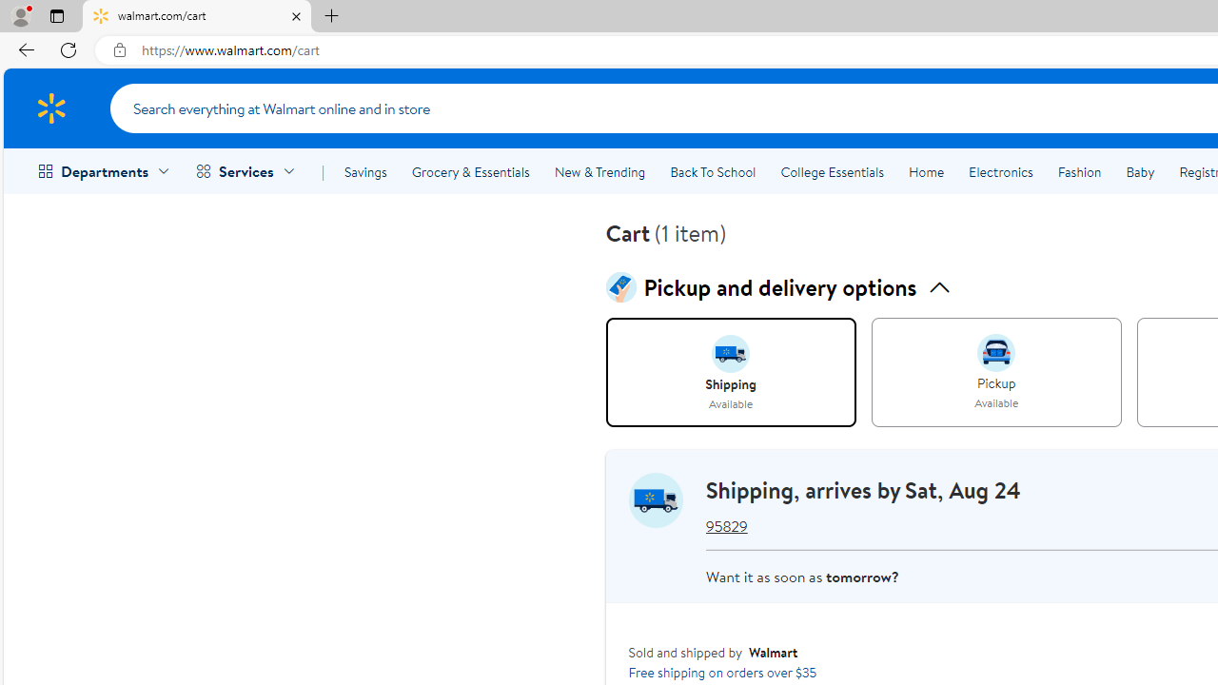  Describe the element at coordinates (50, 108) in the screenshot. I see `'Walmart Homepage'` at that location.